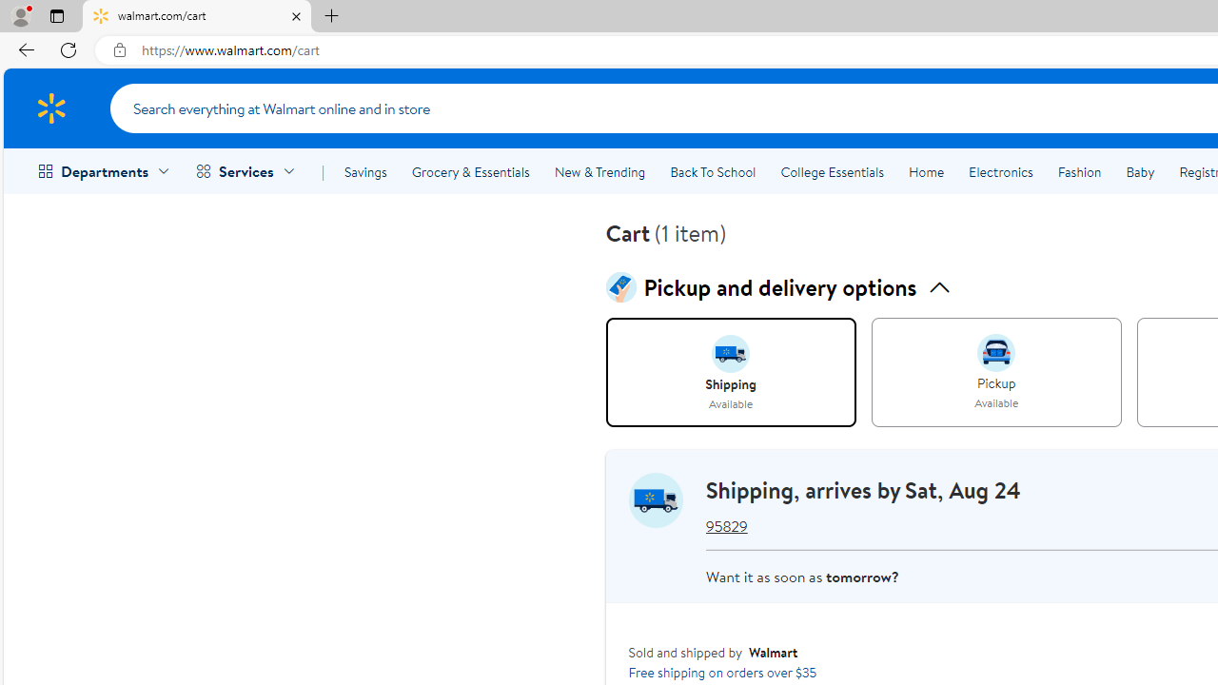  Describe the element at coordinates (50, 108) in the screenshot. I see `'Walmart Homepage'` at that location.